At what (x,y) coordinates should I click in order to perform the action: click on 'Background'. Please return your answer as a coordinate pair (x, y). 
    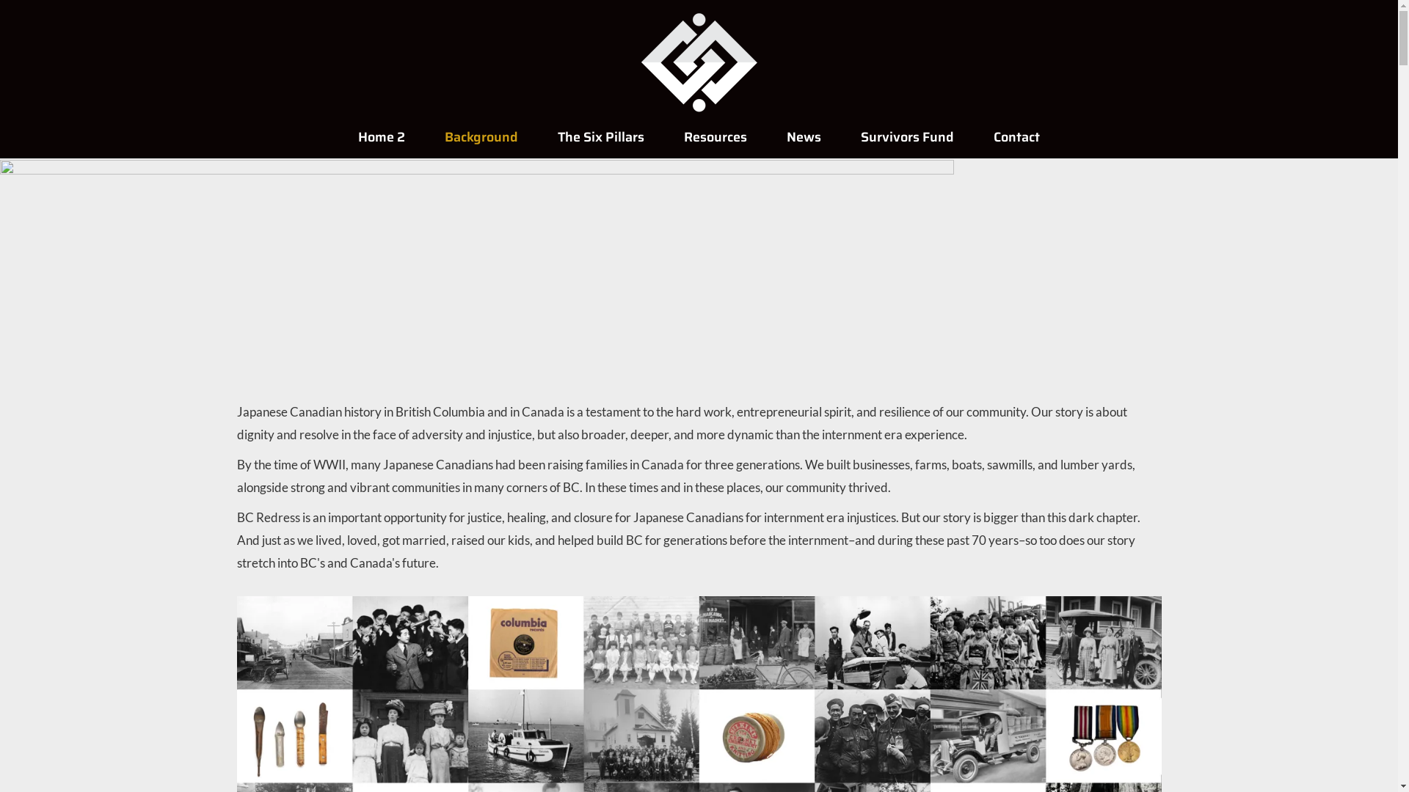
    Looking at the image, I should click on (481, 136).